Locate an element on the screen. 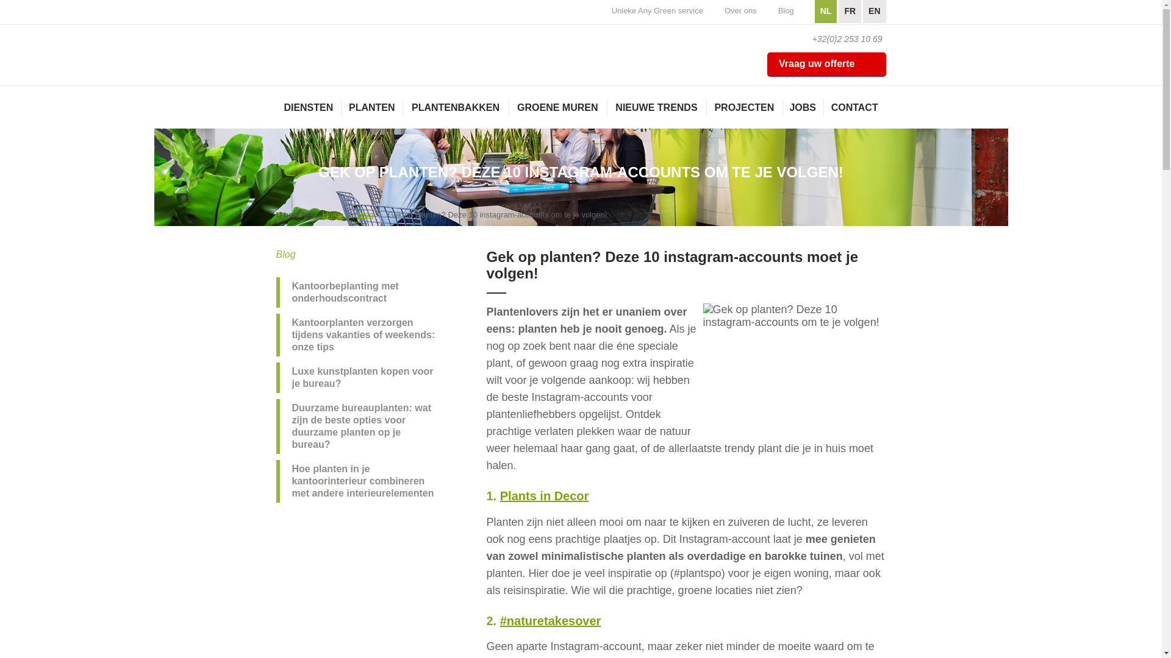  'GROENE MUREN' is located at coordinates (557, 113).